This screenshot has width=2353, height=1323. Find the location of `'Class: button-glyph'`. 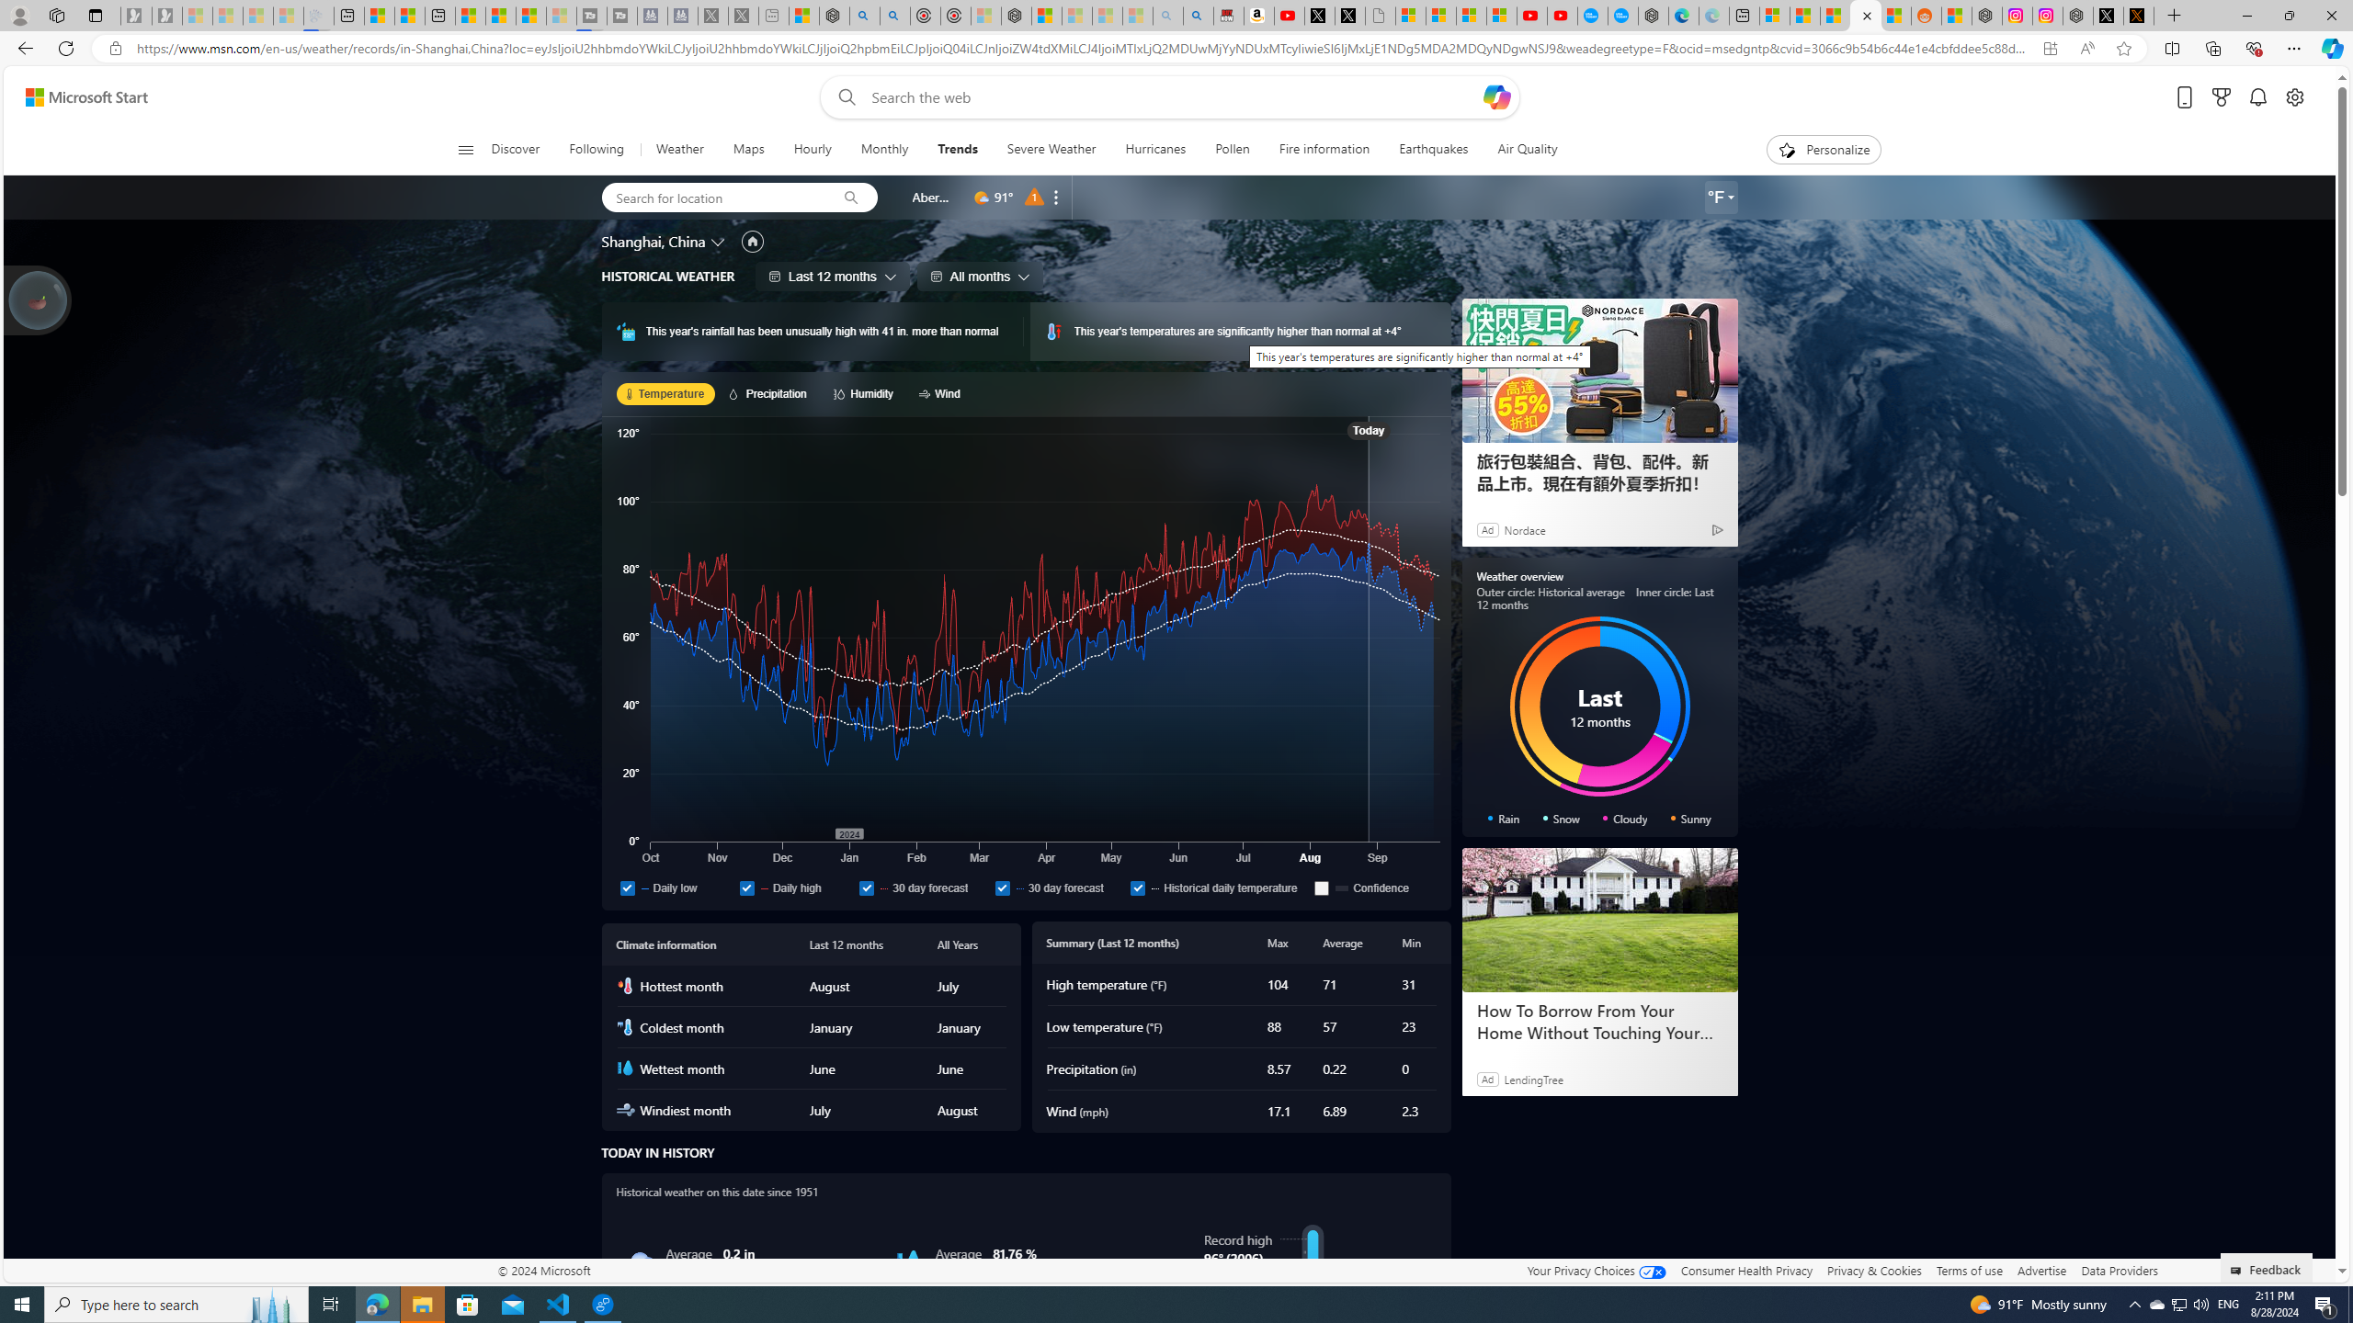

'Class: button-glyph' is located at coordinates (464, 149).